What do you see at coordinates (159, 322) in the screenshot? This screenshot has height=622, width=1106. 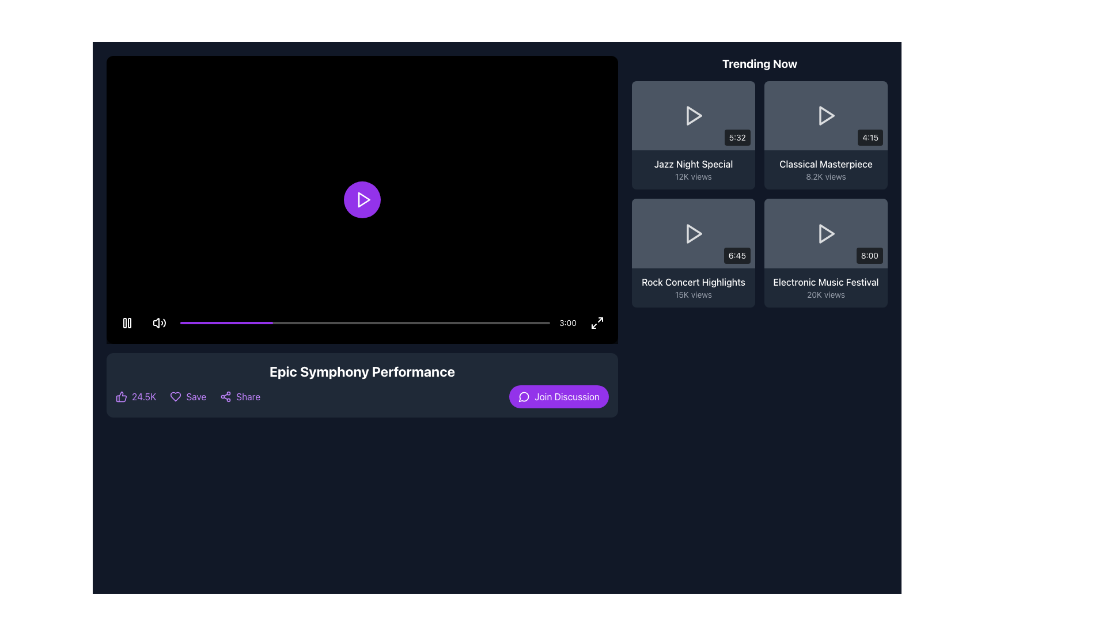 I see `the circular button with a speaker icon located at the bottom left corner of the video playback bar` at bounding box center [159, 322].